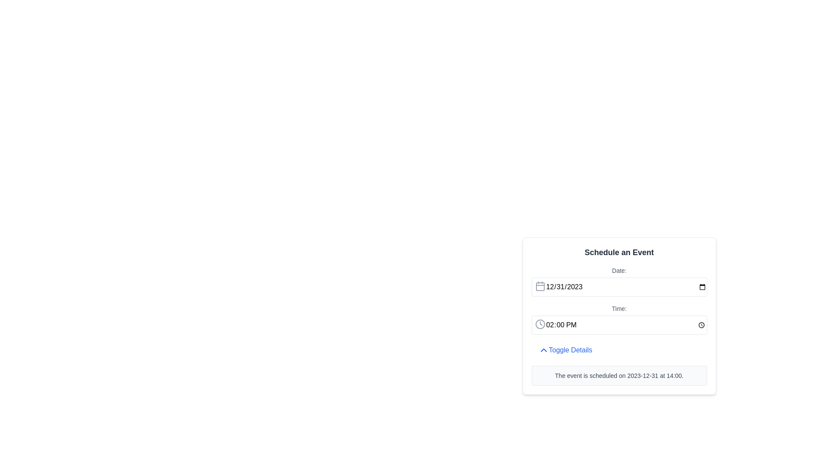  What do you see at coordinates (674, 375) in the screenshot?
I see `information displayed in the Text Display that shows the scheduled event time, which is located to the right of the date text '2023-12-31'` at bounding box center [674, 375].